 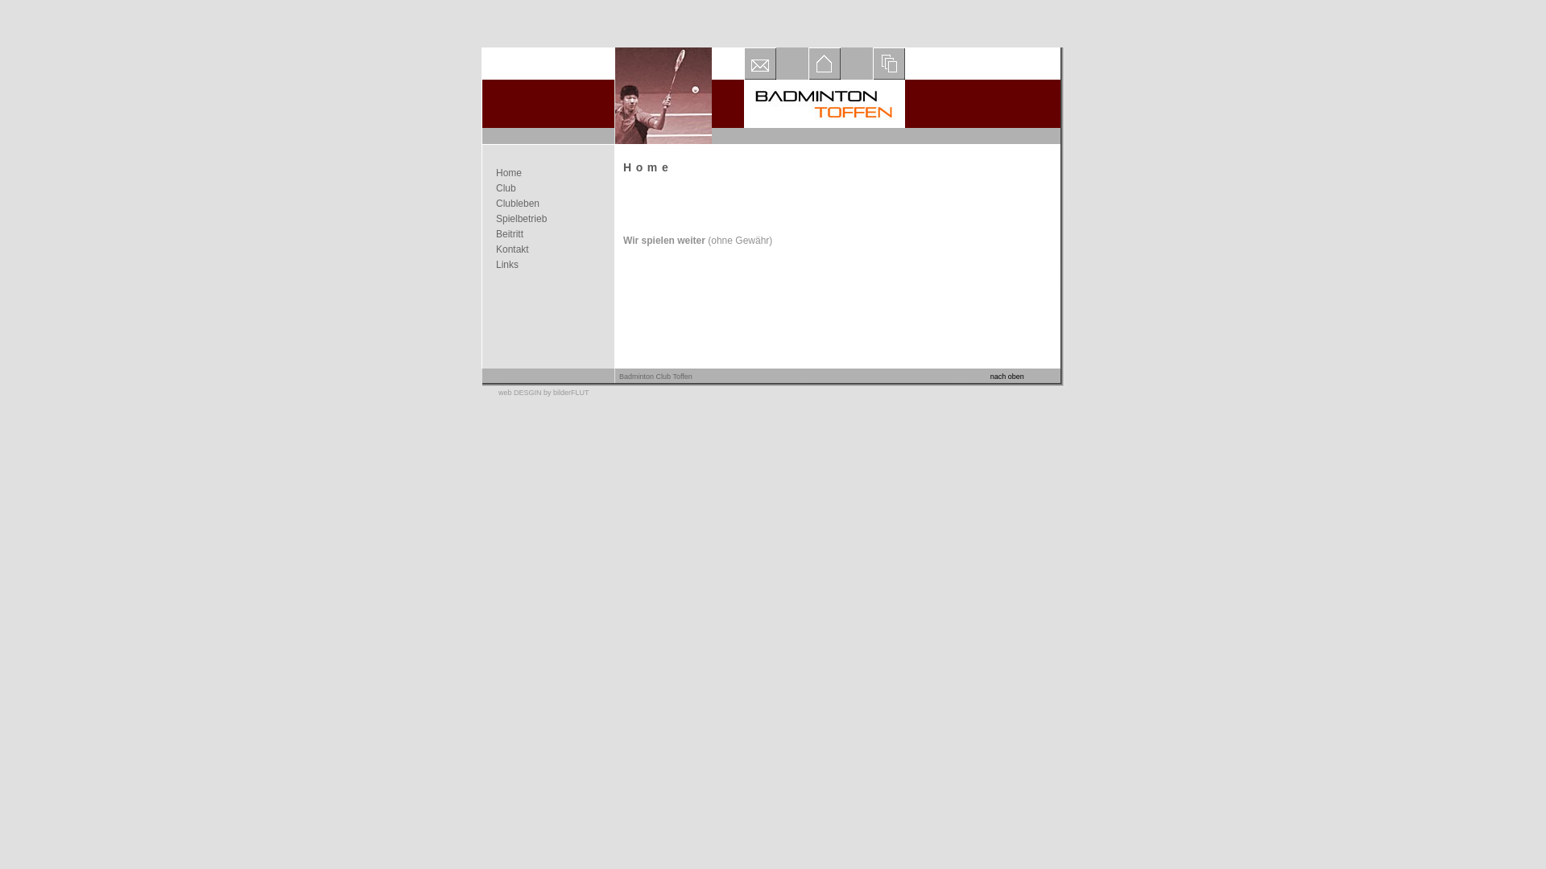 I want to click on 'Home', so click(x=548, y=172).